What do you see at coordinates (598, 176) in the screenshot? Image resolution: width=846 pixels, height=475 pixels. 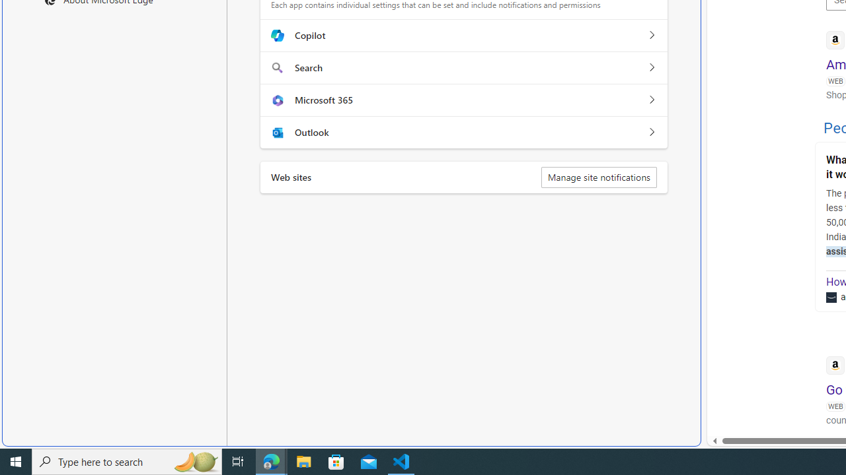 I see `'Manage site notifications'` at bounding box center [598, 176].